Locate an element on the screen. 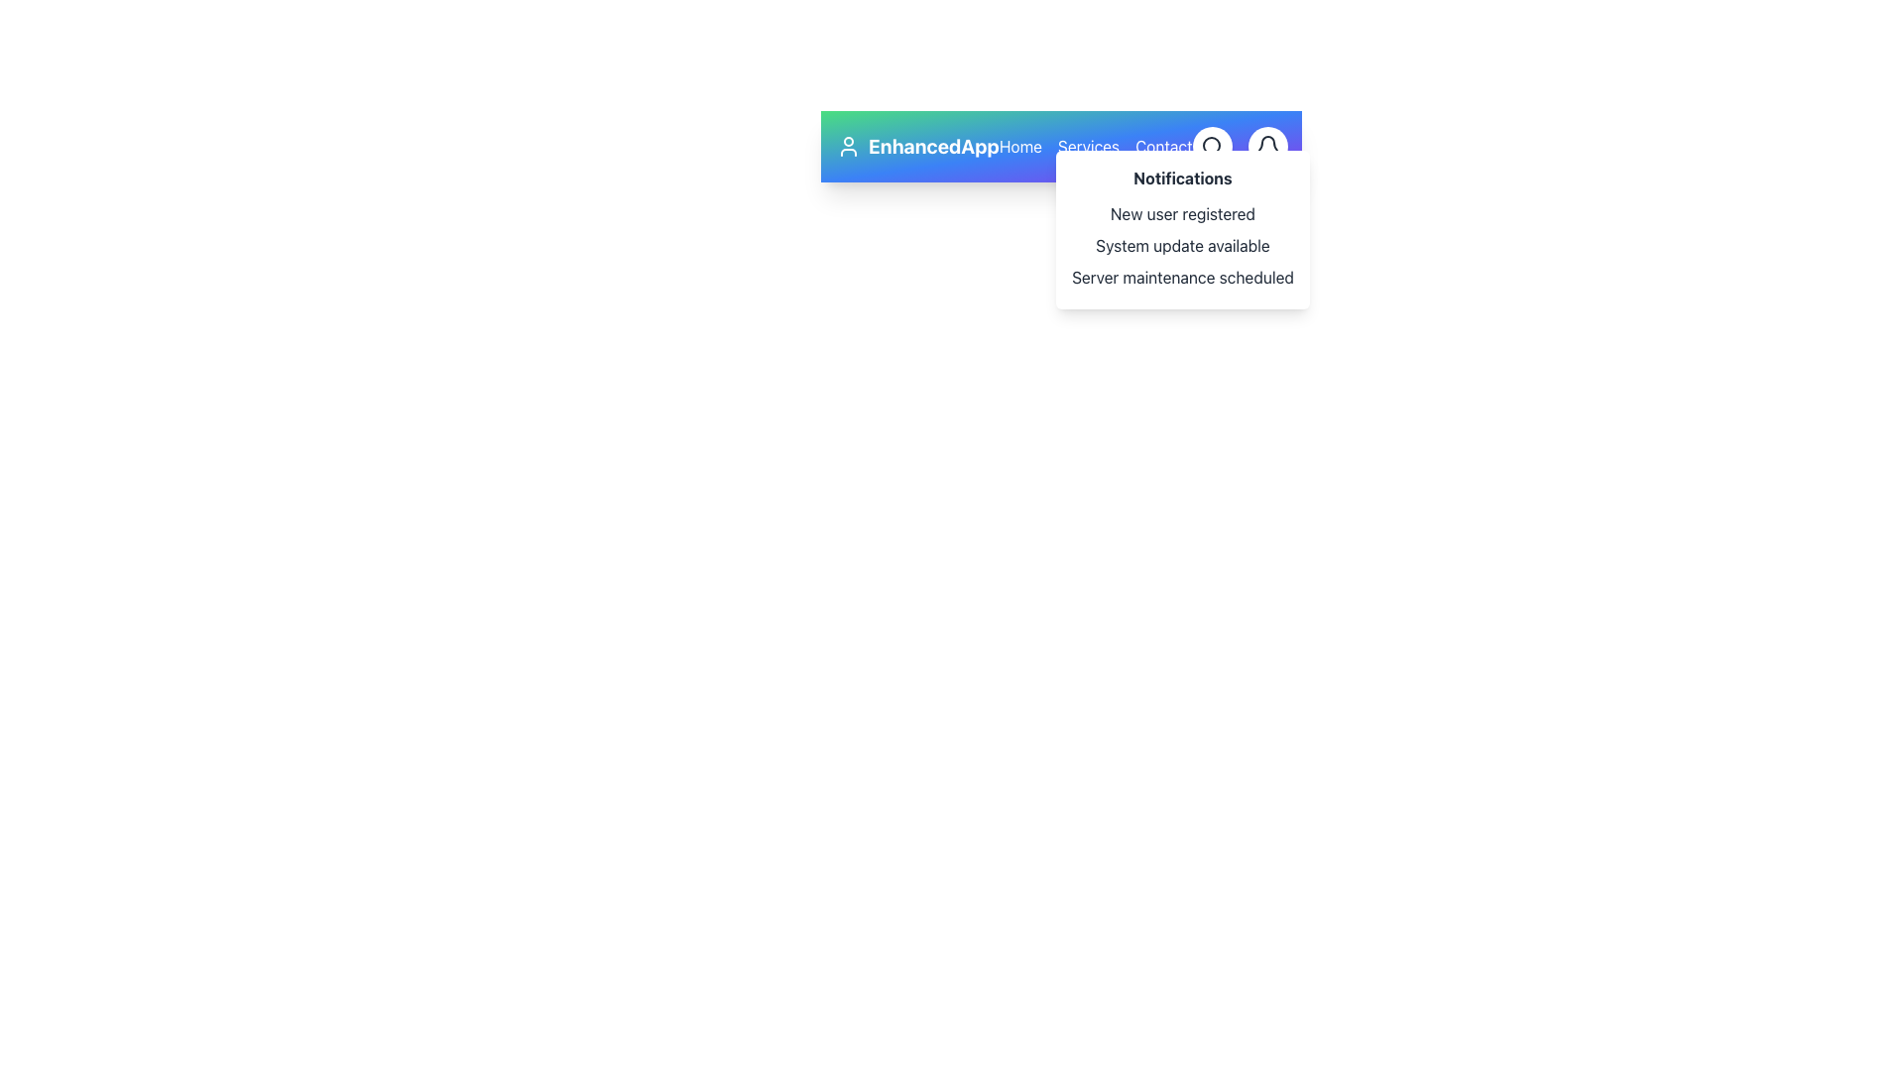 The height and width of the screenshot is (1071, 1904). the second notification text element in the dropdown 'Notifications' is located at coordinates (1183, 244).